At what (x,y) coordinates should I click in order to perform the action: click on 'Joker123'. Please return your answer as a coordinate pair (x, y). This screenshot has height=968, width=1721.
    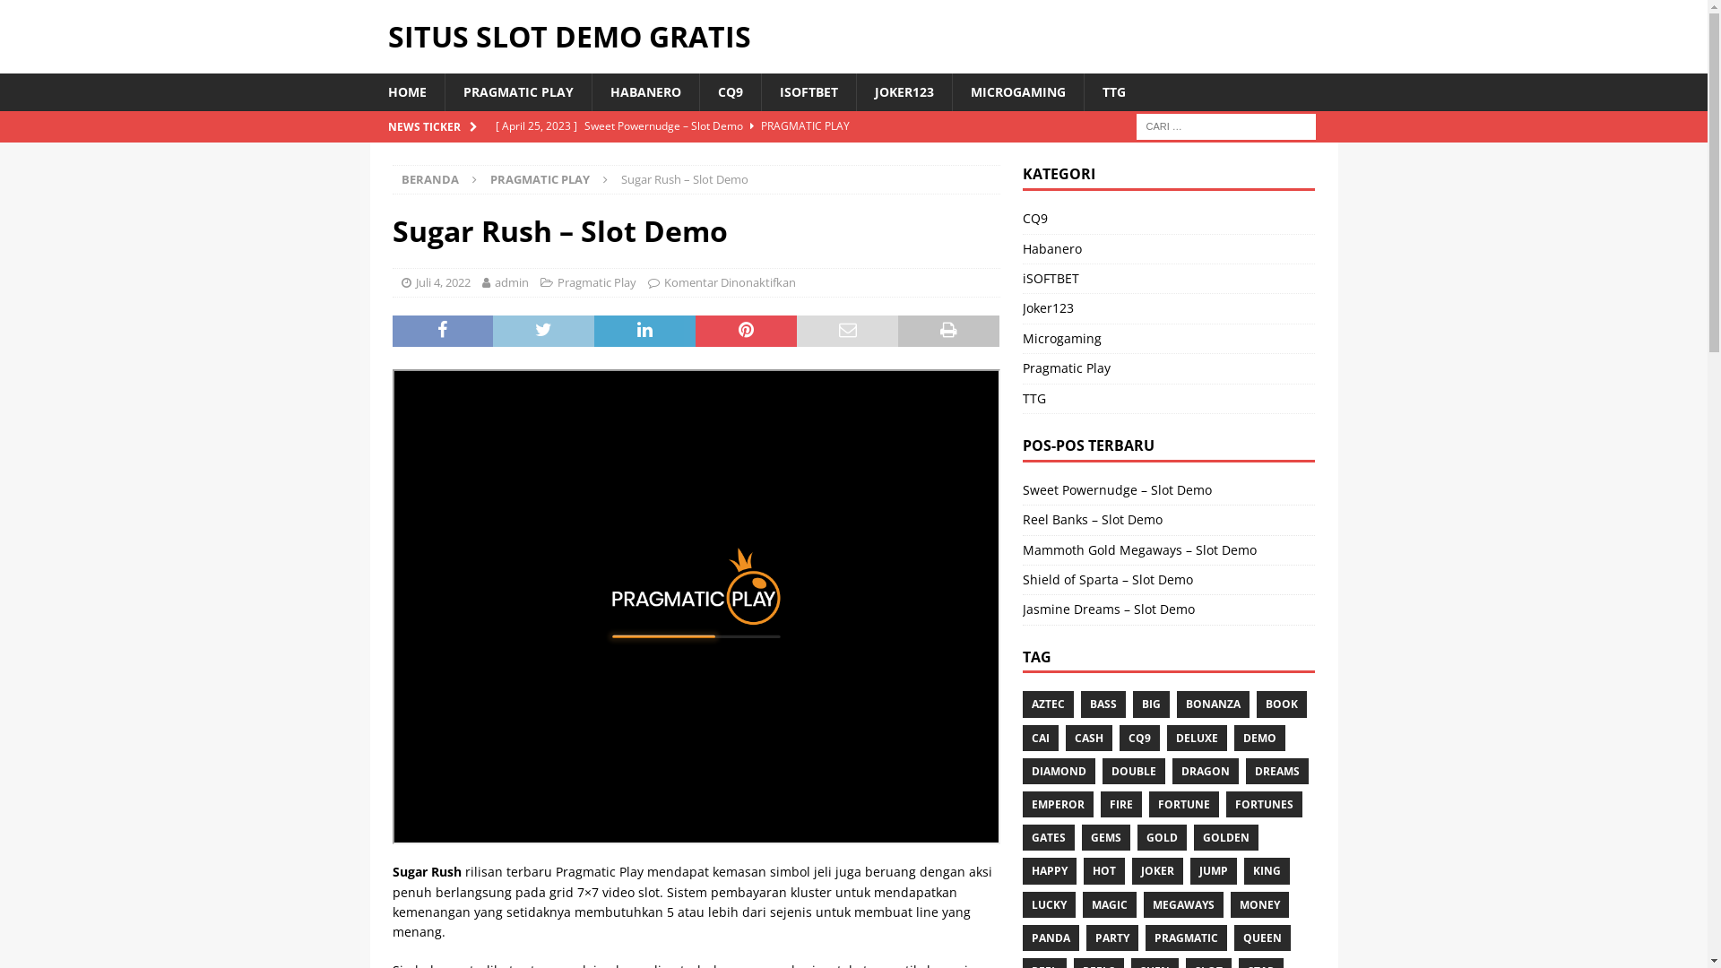
    Looking at the image, I should click on (1023, 307).